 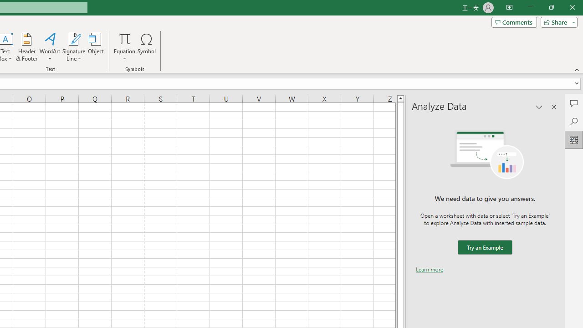 What do you see at coordinates (573, 121) in the screenshot?
I see `'Search'` at bounding box center [573, 121].